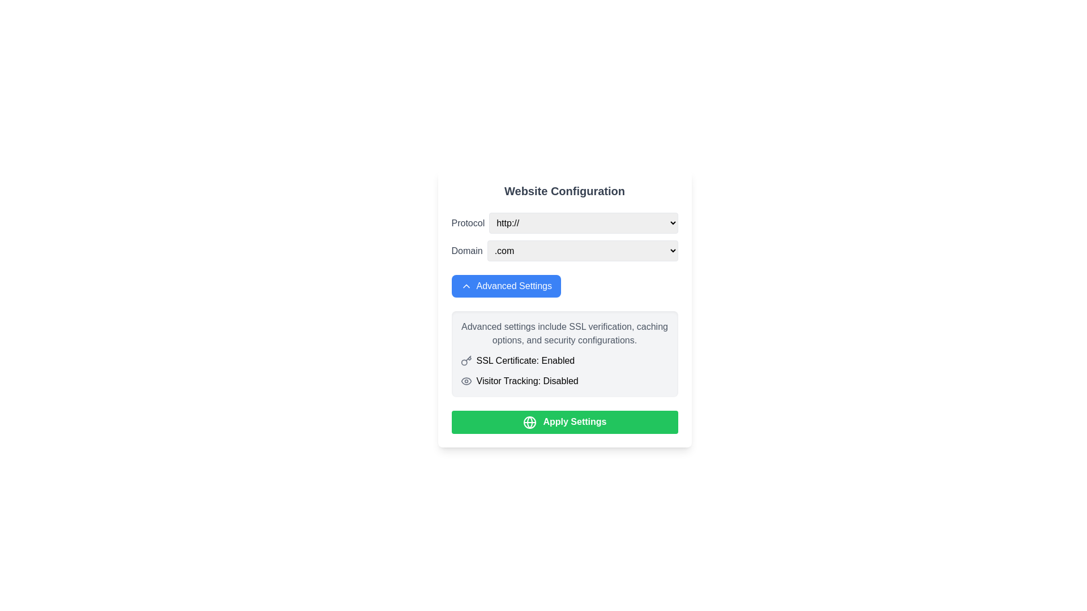 The height and width of the screenshot is (611, 1087). Describe the element at coordinates (506, 285) in the screenshot. I see `the toggle button for the 'Advanced Settings' section located in the 'Website Configuration' interface` at that location.